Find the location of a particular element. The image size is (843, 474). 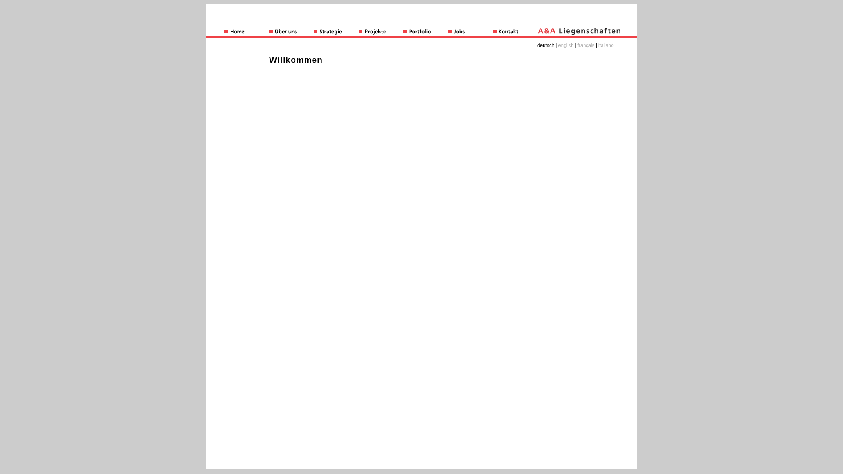

'Portfolio' is located at coordinates (425, 32).